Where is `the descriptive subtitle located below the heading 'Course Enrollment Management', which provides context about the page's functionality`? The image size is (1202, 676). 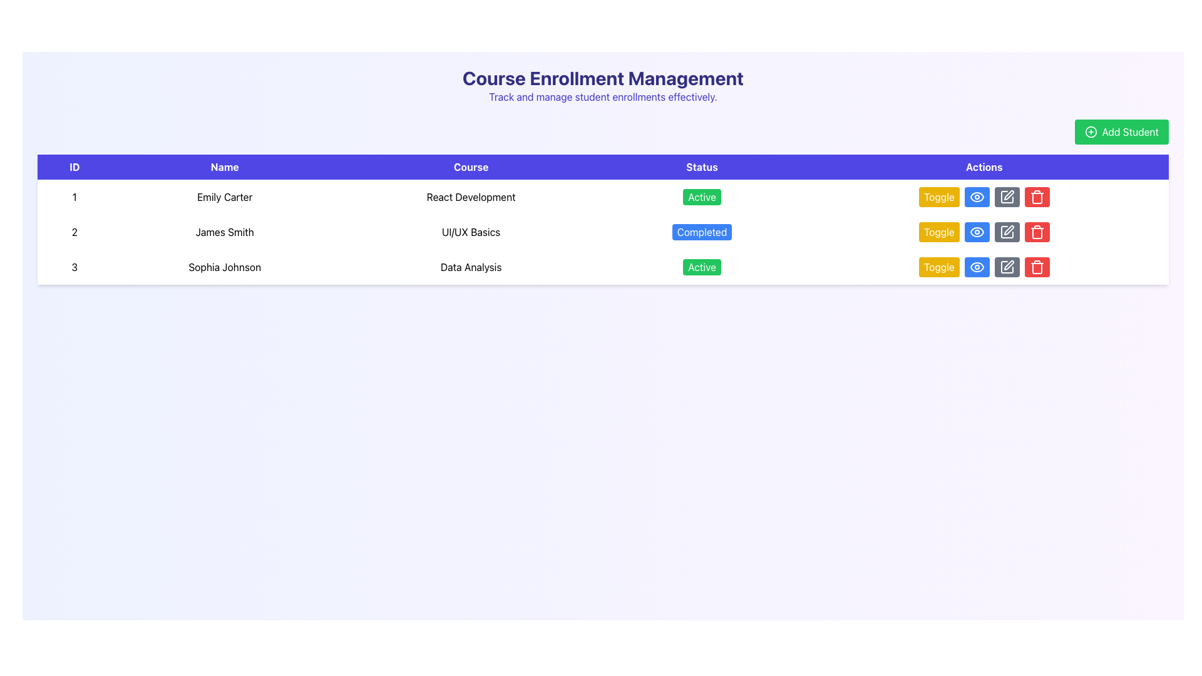
the descriptive subtitle located below the heading 'Course Enrollment Management', which provides context about the page's functionality is located at coordinates (603, 96).